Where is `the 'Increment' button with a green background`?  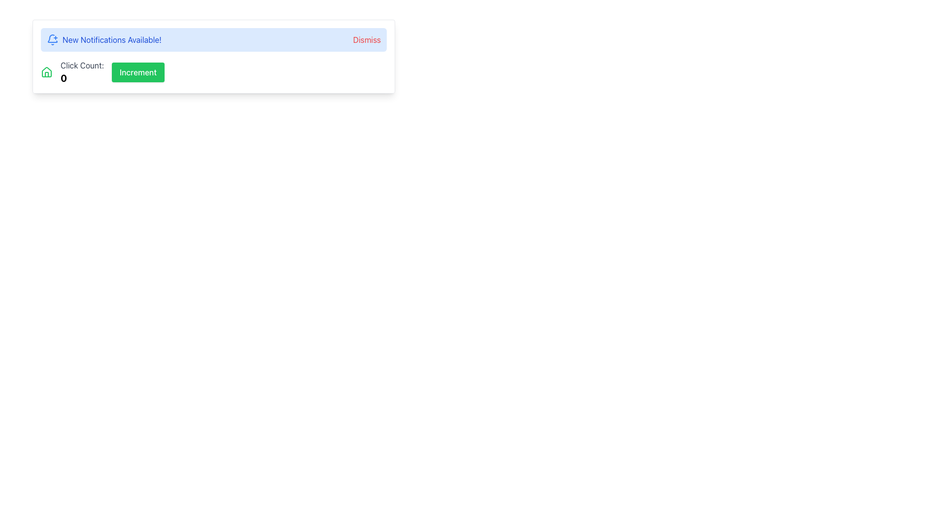 the 'Increment' button with a green background is located at coordinates (137, 71).